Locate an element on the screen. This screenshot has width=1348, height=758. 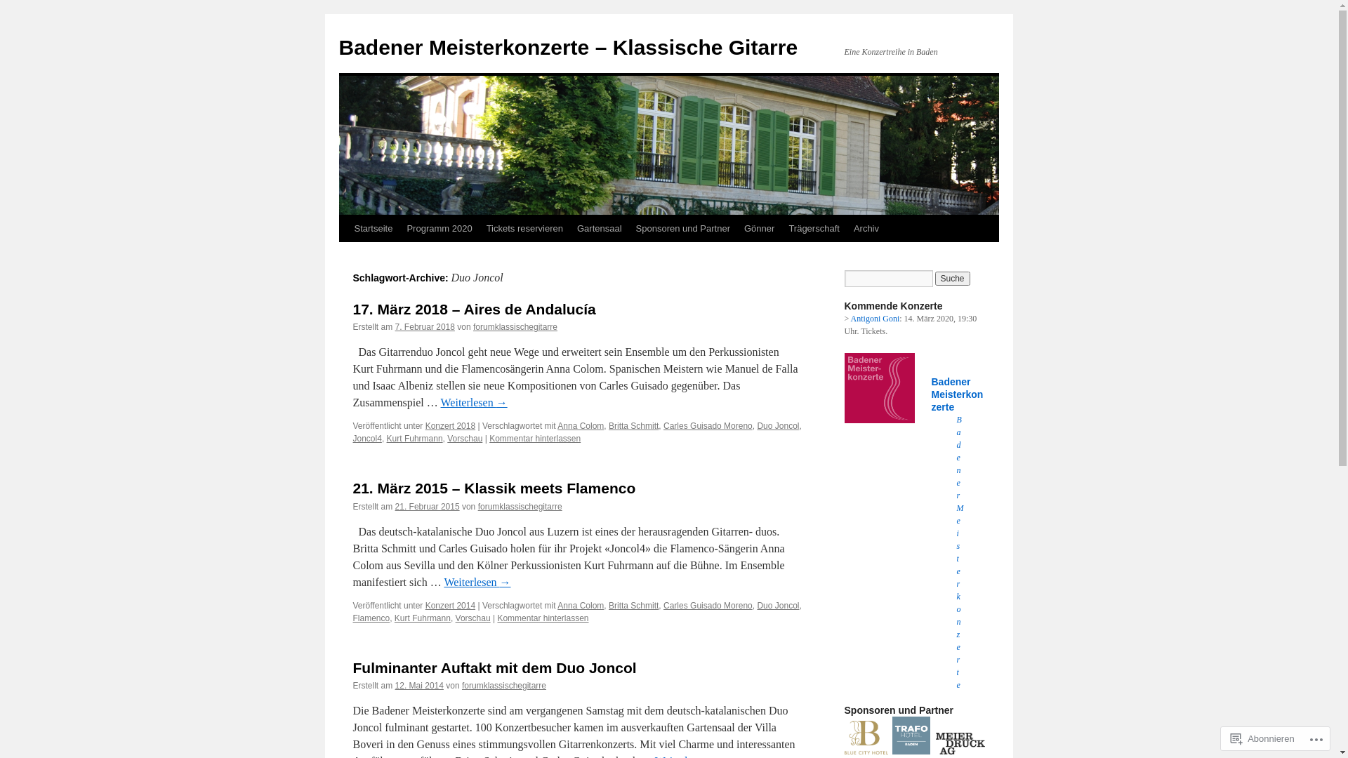
'Abonnieren' is located at coordinates (1262, 738).